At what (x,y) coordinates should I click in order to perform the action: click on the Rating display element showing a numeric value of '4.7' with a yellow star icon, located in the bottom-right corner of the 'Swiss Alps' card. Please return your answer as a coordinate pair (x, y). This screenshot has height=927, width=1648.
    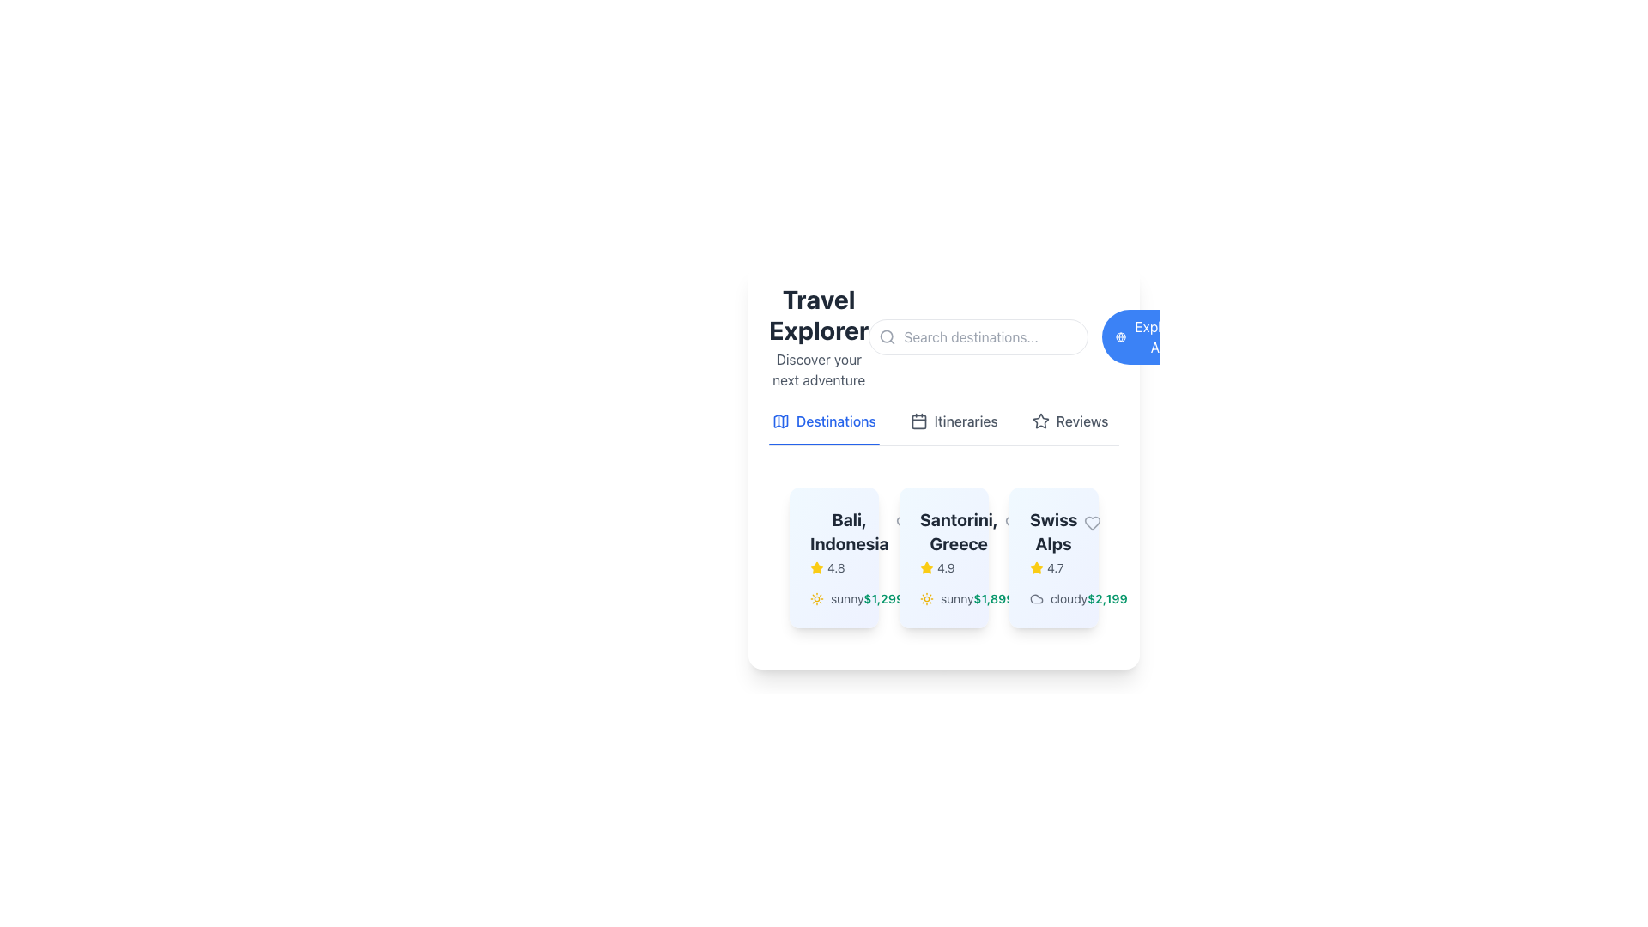
    Looking at the image, I should click on (1052, 568).